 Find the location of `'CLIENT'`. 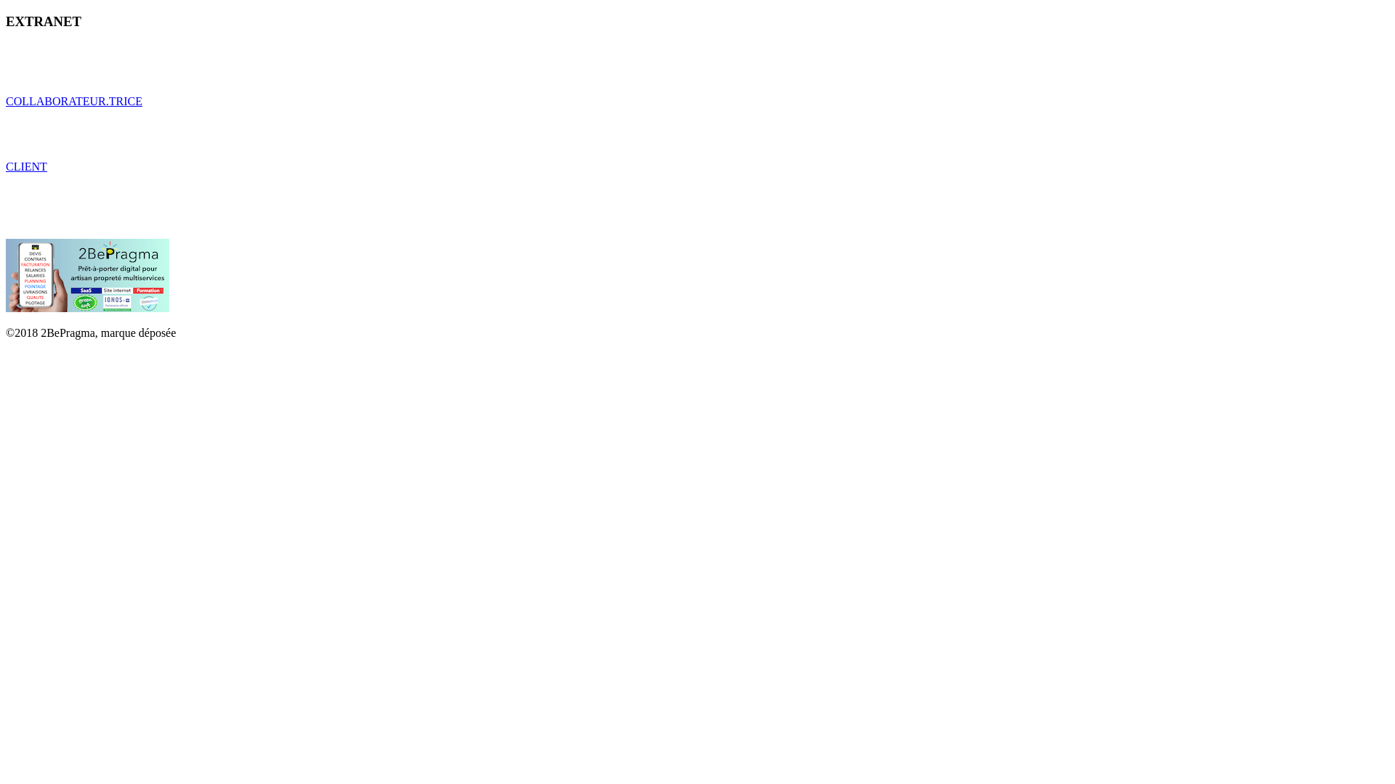

'CLIENT' is located at coordinates (26, 166).